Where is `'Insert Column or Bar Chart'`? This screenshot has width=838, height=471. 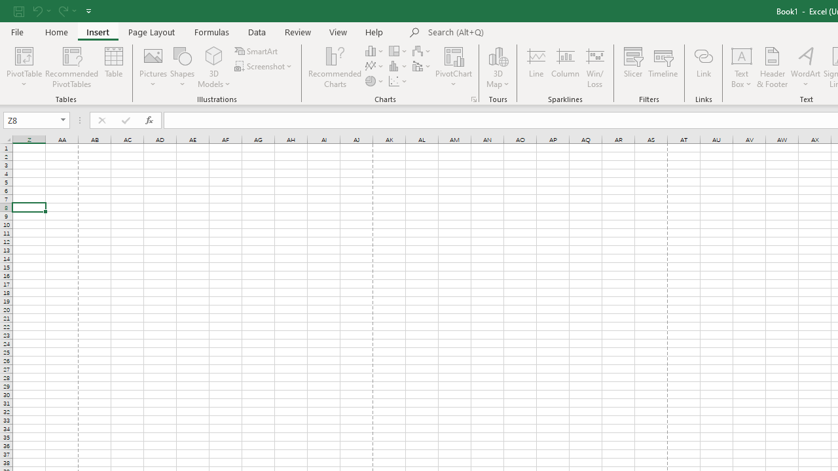 'Insert Column or Bar Chart' is located at coordinates (374, 50).